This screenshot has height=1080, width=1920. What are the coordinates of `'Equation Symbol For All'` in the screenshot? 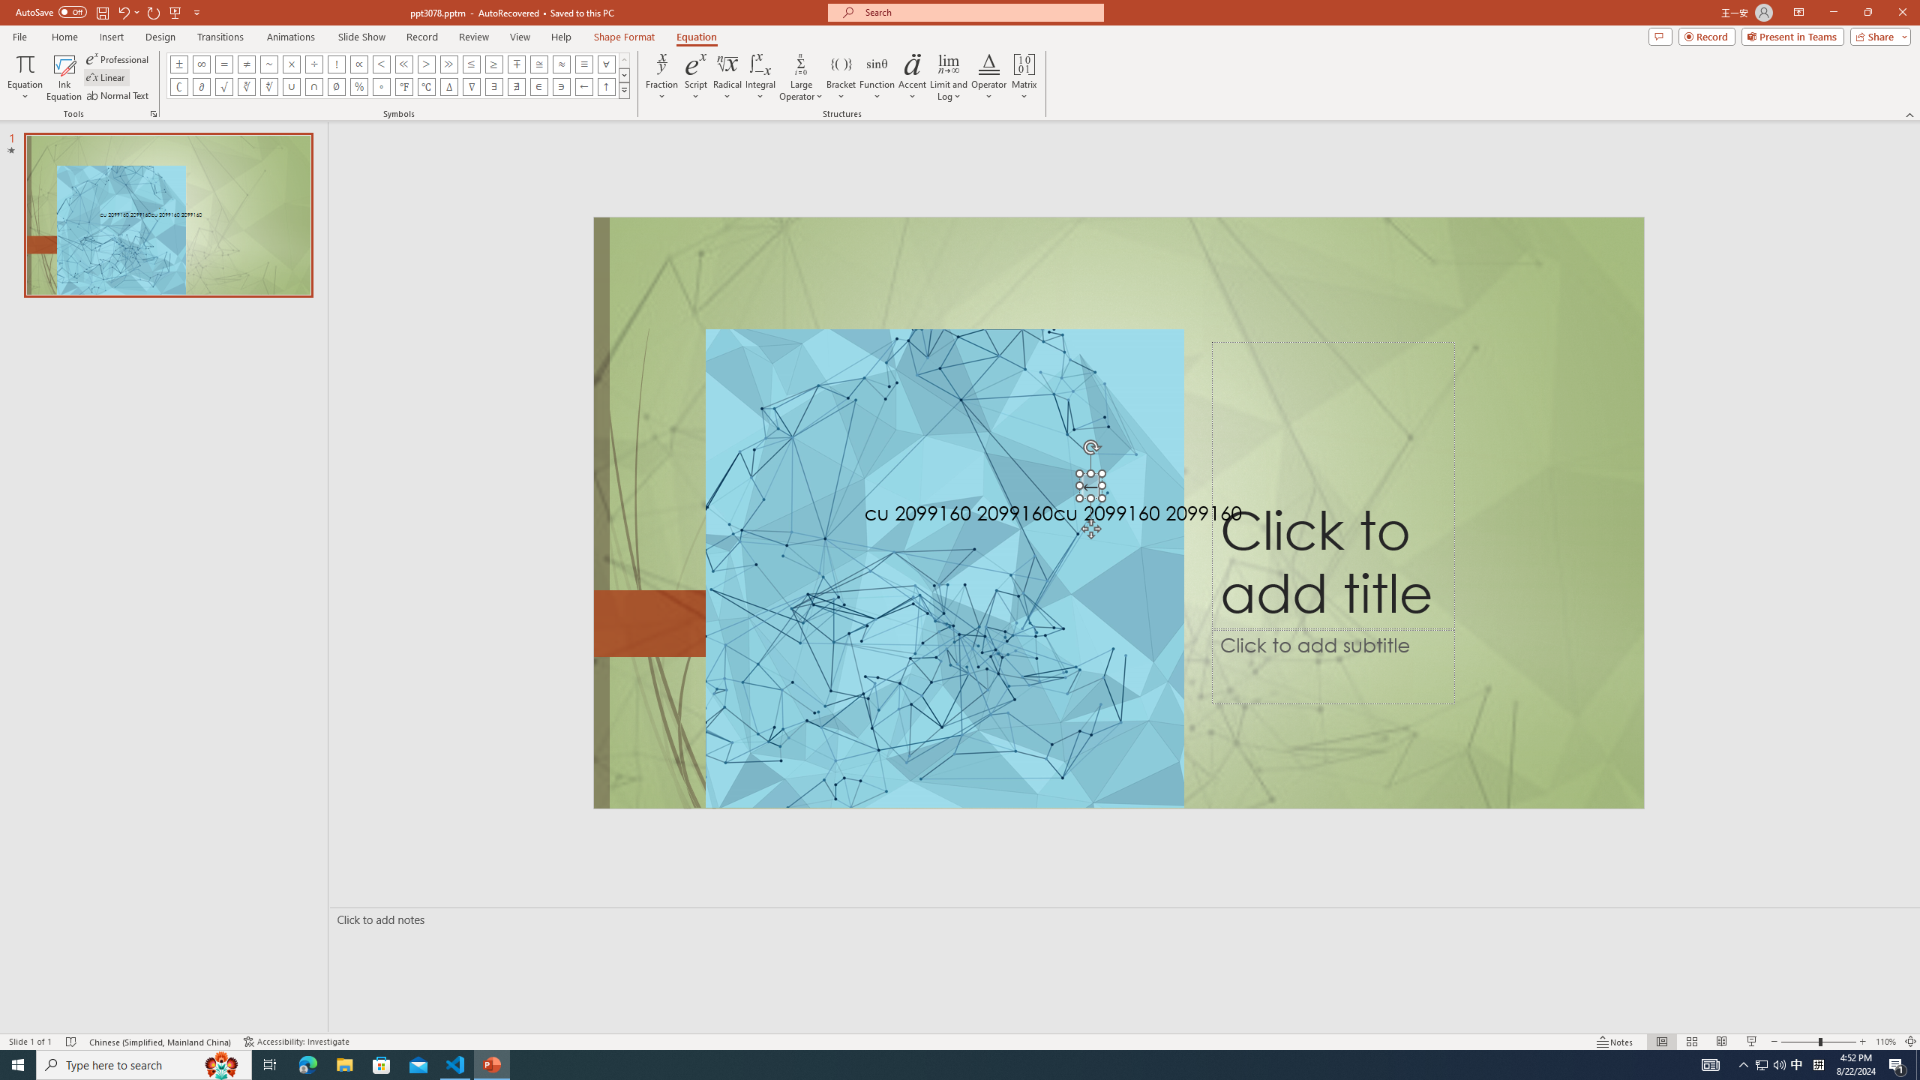 It's located at (605, 63).